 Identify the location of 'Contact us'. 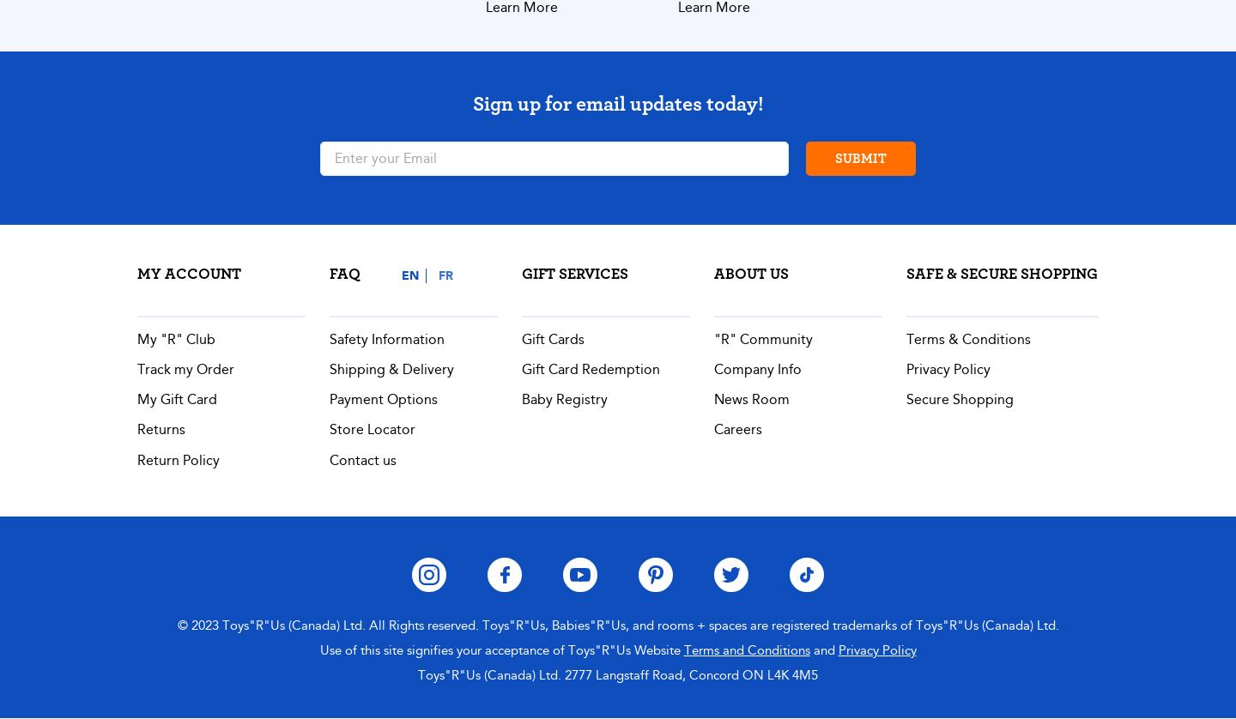
(363, 459).